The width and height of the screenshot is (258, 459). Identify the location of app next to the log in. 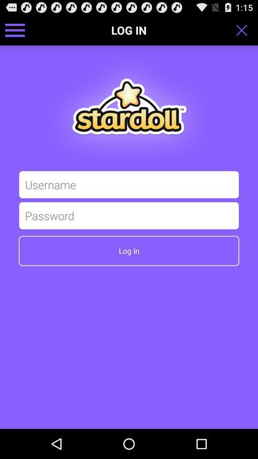
(245, 30).